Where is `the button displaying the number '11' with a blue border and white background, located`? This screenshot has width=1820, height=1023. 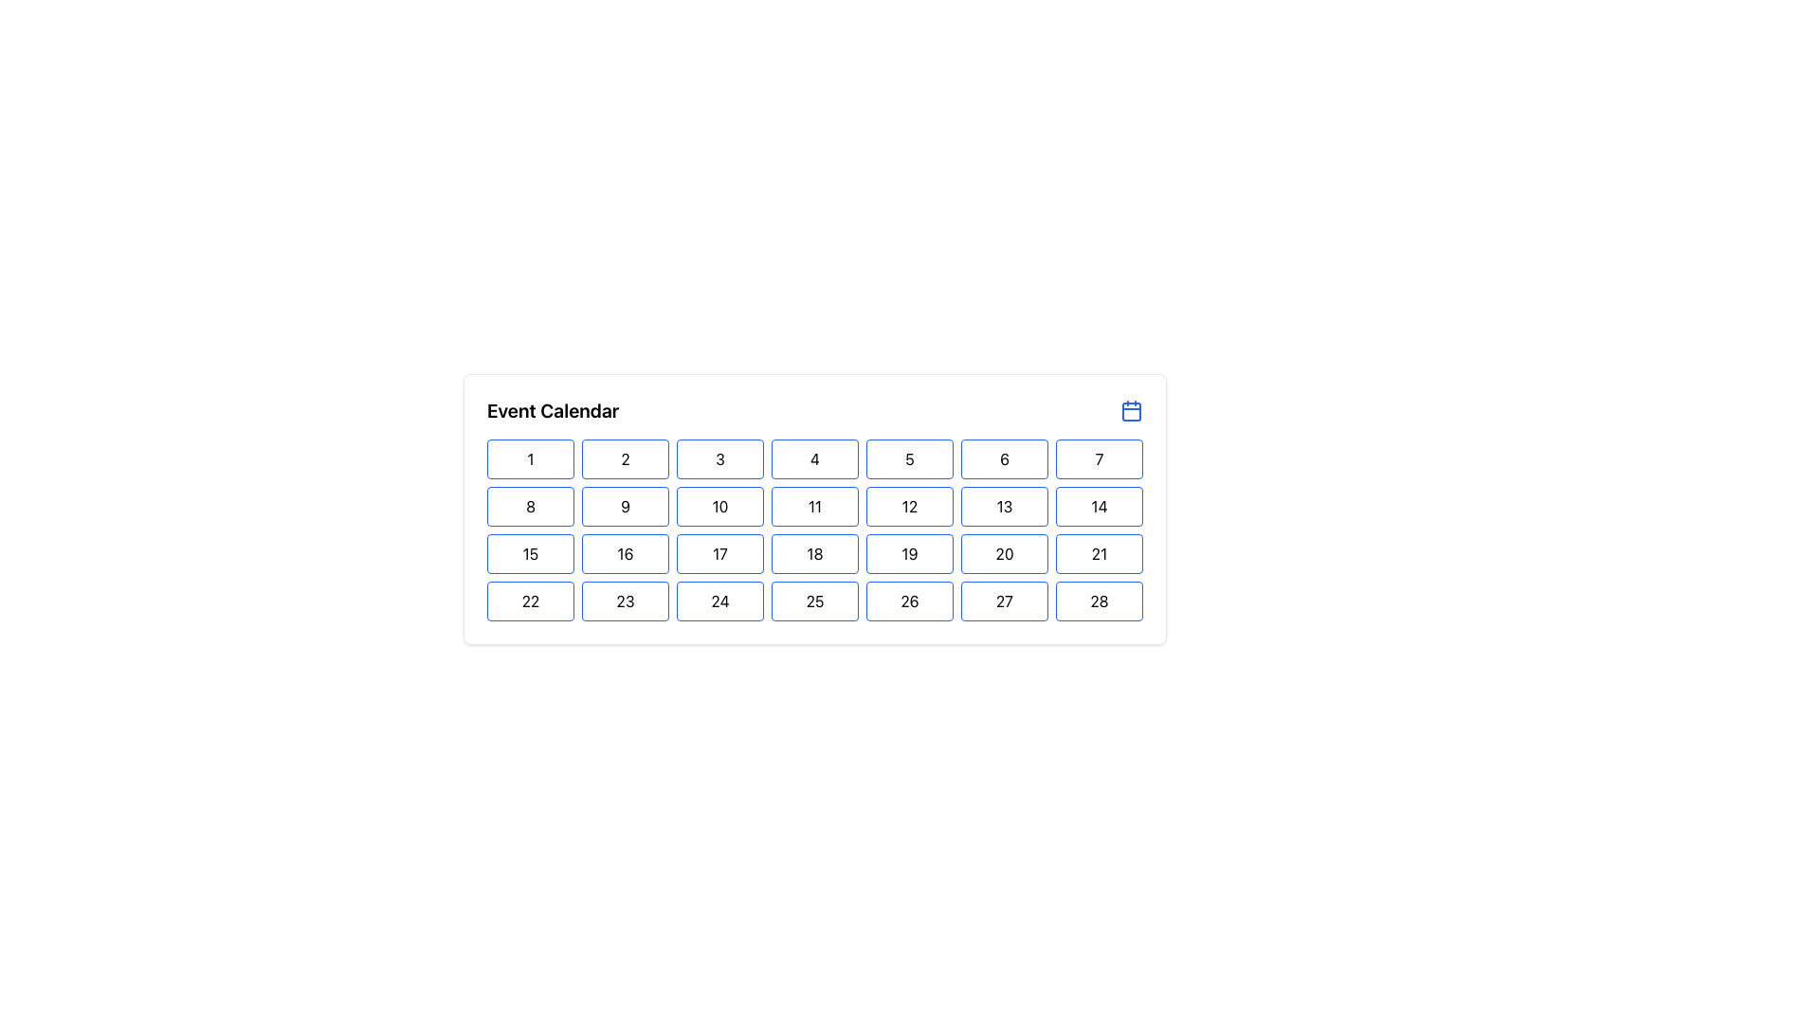 the button displaying the number '11' with a blue border and white background, located is located at coordinates (814, 506).